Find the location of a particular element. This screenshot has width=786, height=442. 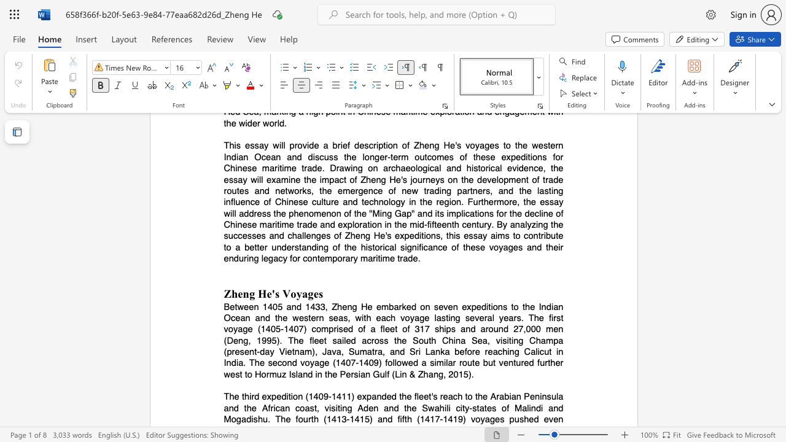

the subset text "he" within the text "The third expedition (1409-1411) expanded the fleet" is located at coordinates (524, 419).